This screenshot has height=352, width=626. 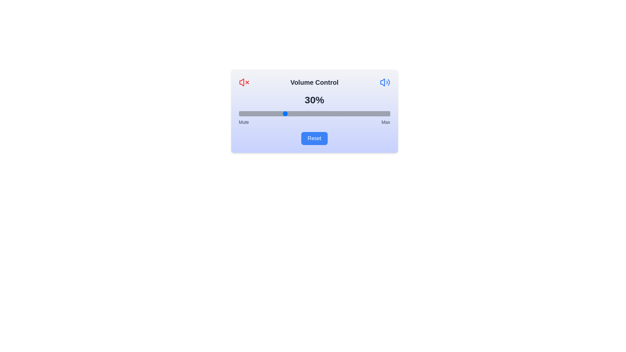 I want to click on the volume slider to a specific percentage, 70, so click(x=344, y=113).